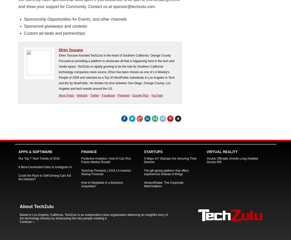  What do you see at coordinates (140, 95) in the screenshot?
I see `'Google Plus'` at bounding box center [140, 95].